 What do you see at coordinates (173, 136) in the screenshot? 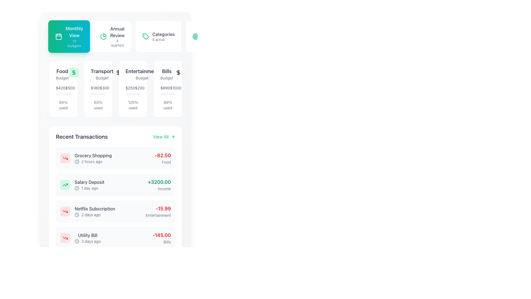
I see `the right-pointing arrow-shaped icon in the top-right section of the 'Recent Transactions' area` at bounding box center [173, 136].